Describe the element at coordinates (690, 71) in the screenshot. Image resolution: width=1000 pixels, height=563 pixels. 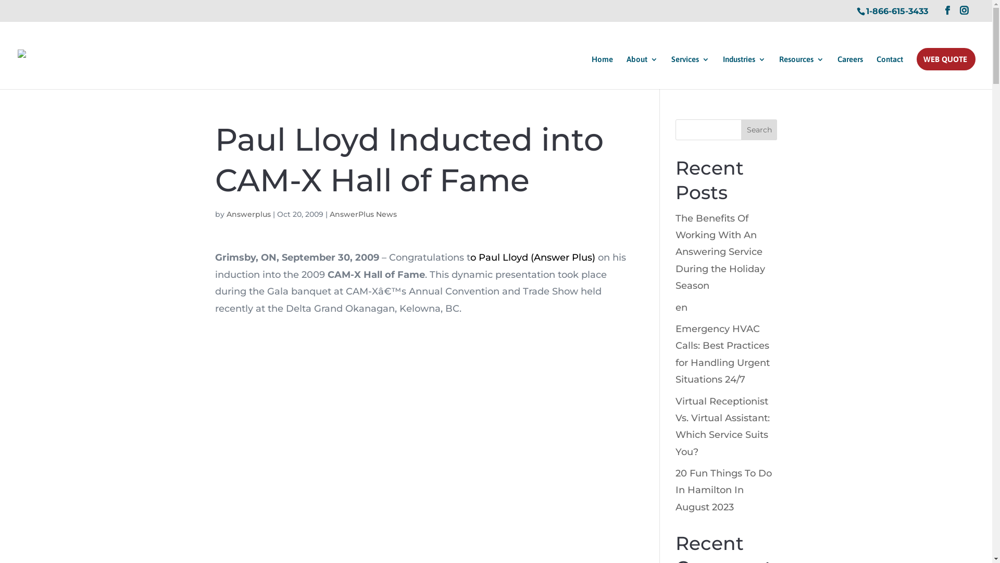
I see `'Services'` at that location.